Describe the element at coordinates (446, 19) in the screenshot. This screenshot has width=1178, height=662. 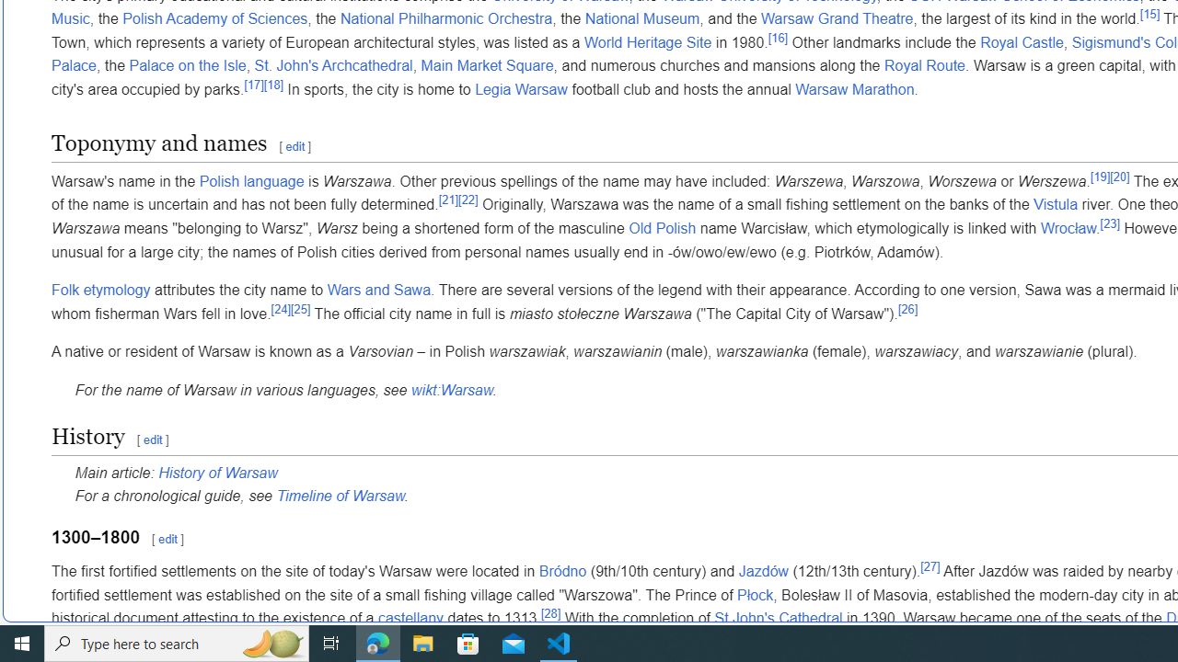
I see `'National Philharmonic Orchestra'` at that location.